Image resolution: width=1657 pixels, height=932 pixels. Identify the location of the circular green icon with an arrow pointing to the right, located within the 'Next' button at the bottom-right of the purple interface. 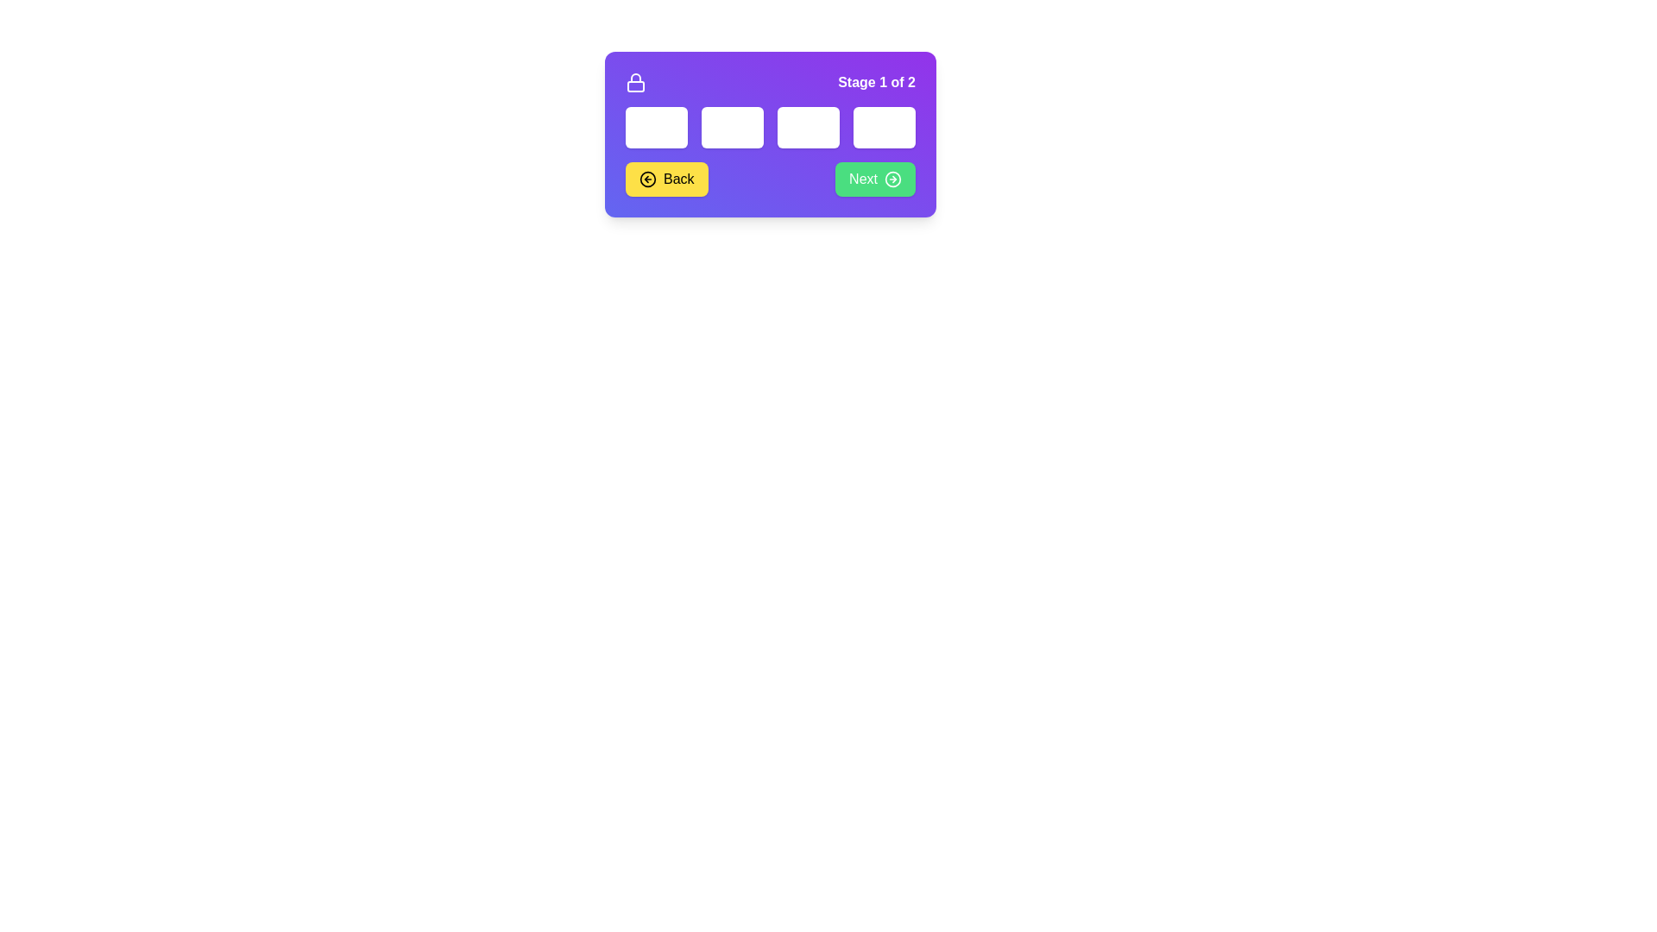
(893, 179).